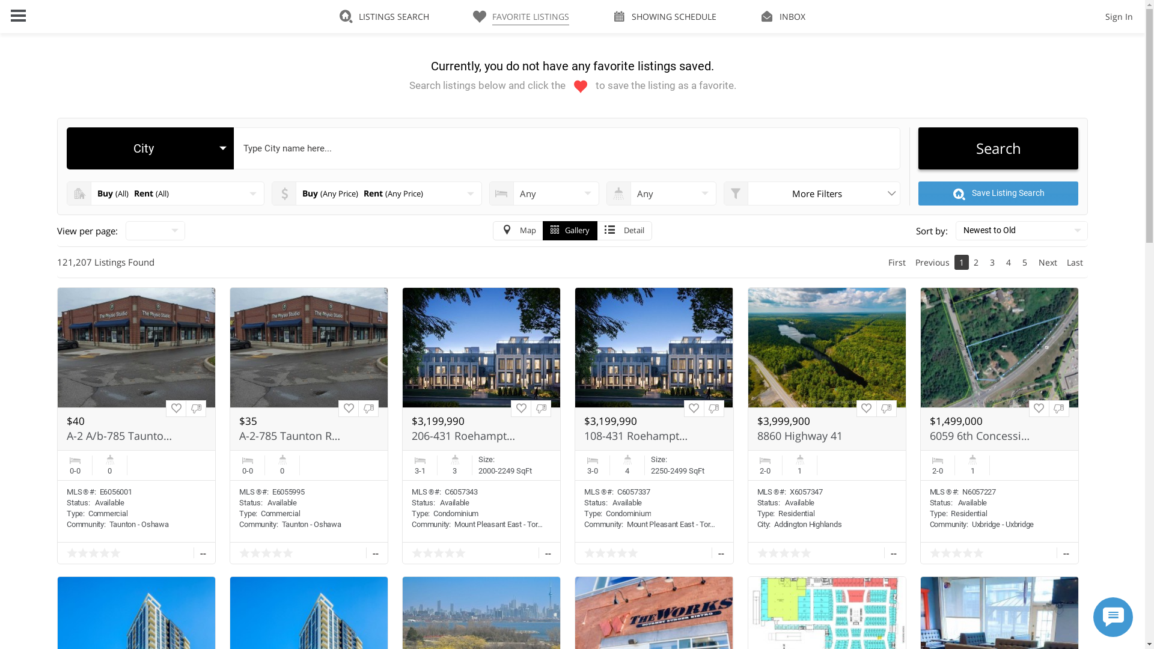 This screenshot has height=649, width=1154. What do you see at coordinates (597, 231) in the screenshot?
I see `'Detail'` at bounding box center [597, 231].